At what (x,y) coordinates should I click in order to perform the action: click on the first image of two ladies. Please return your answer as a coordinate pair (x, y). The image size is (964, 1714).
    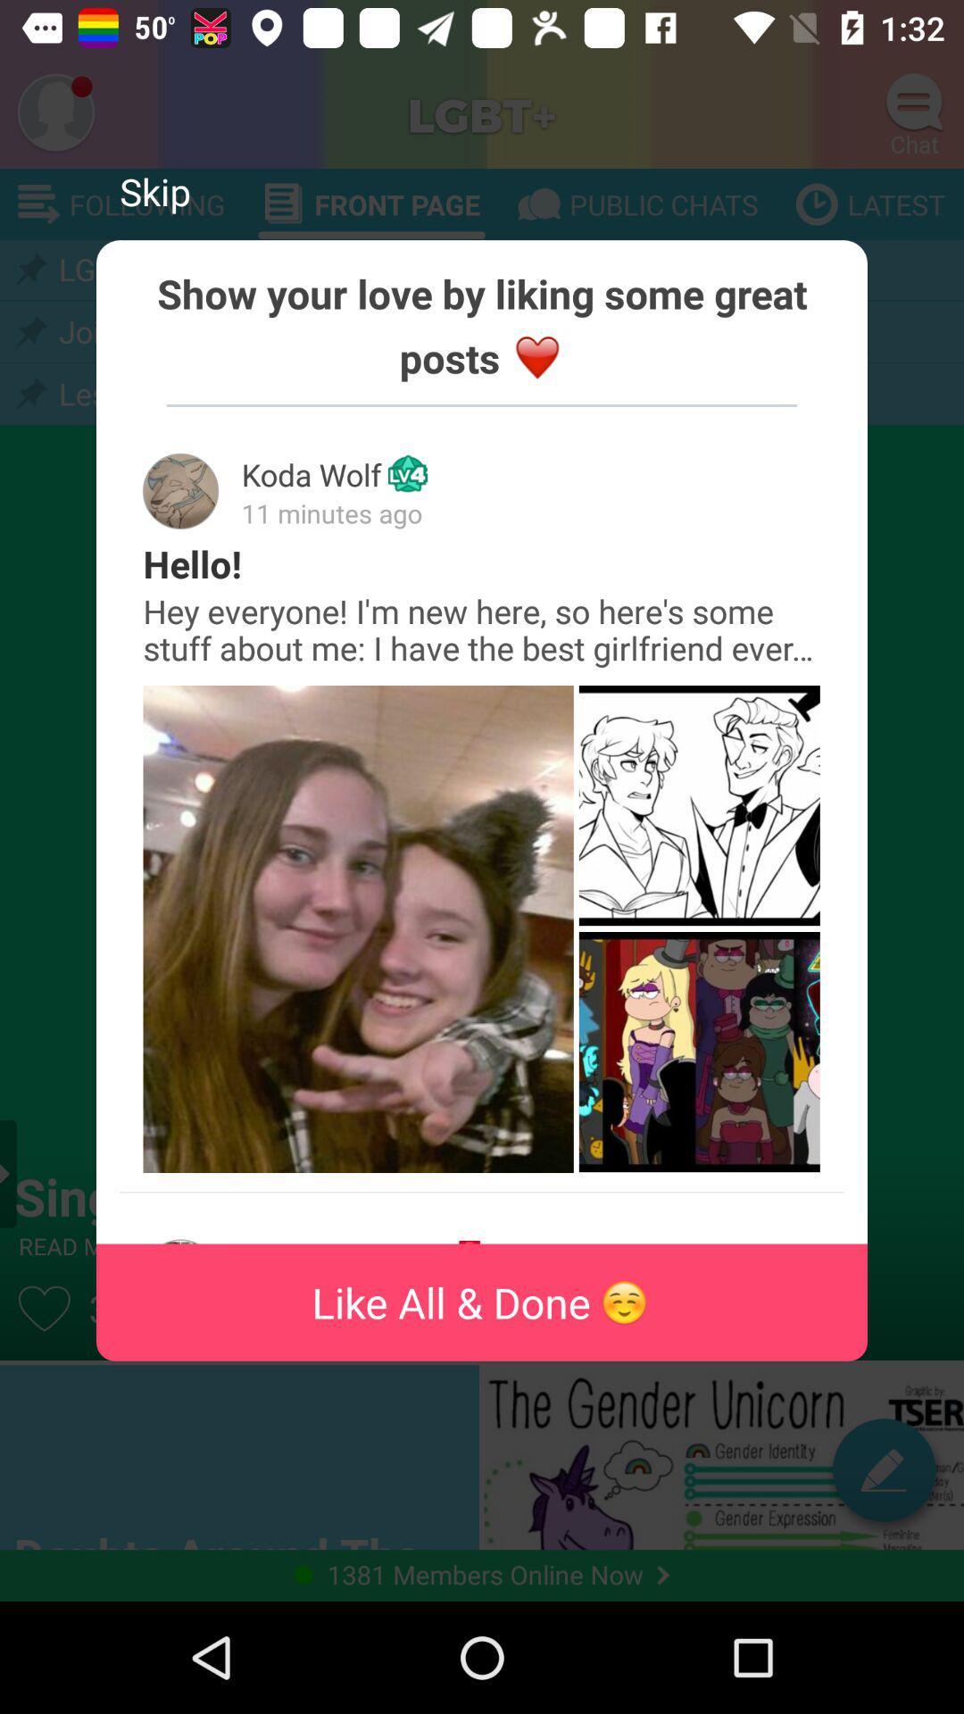
    Looking at the image, I should click on (358, 928).